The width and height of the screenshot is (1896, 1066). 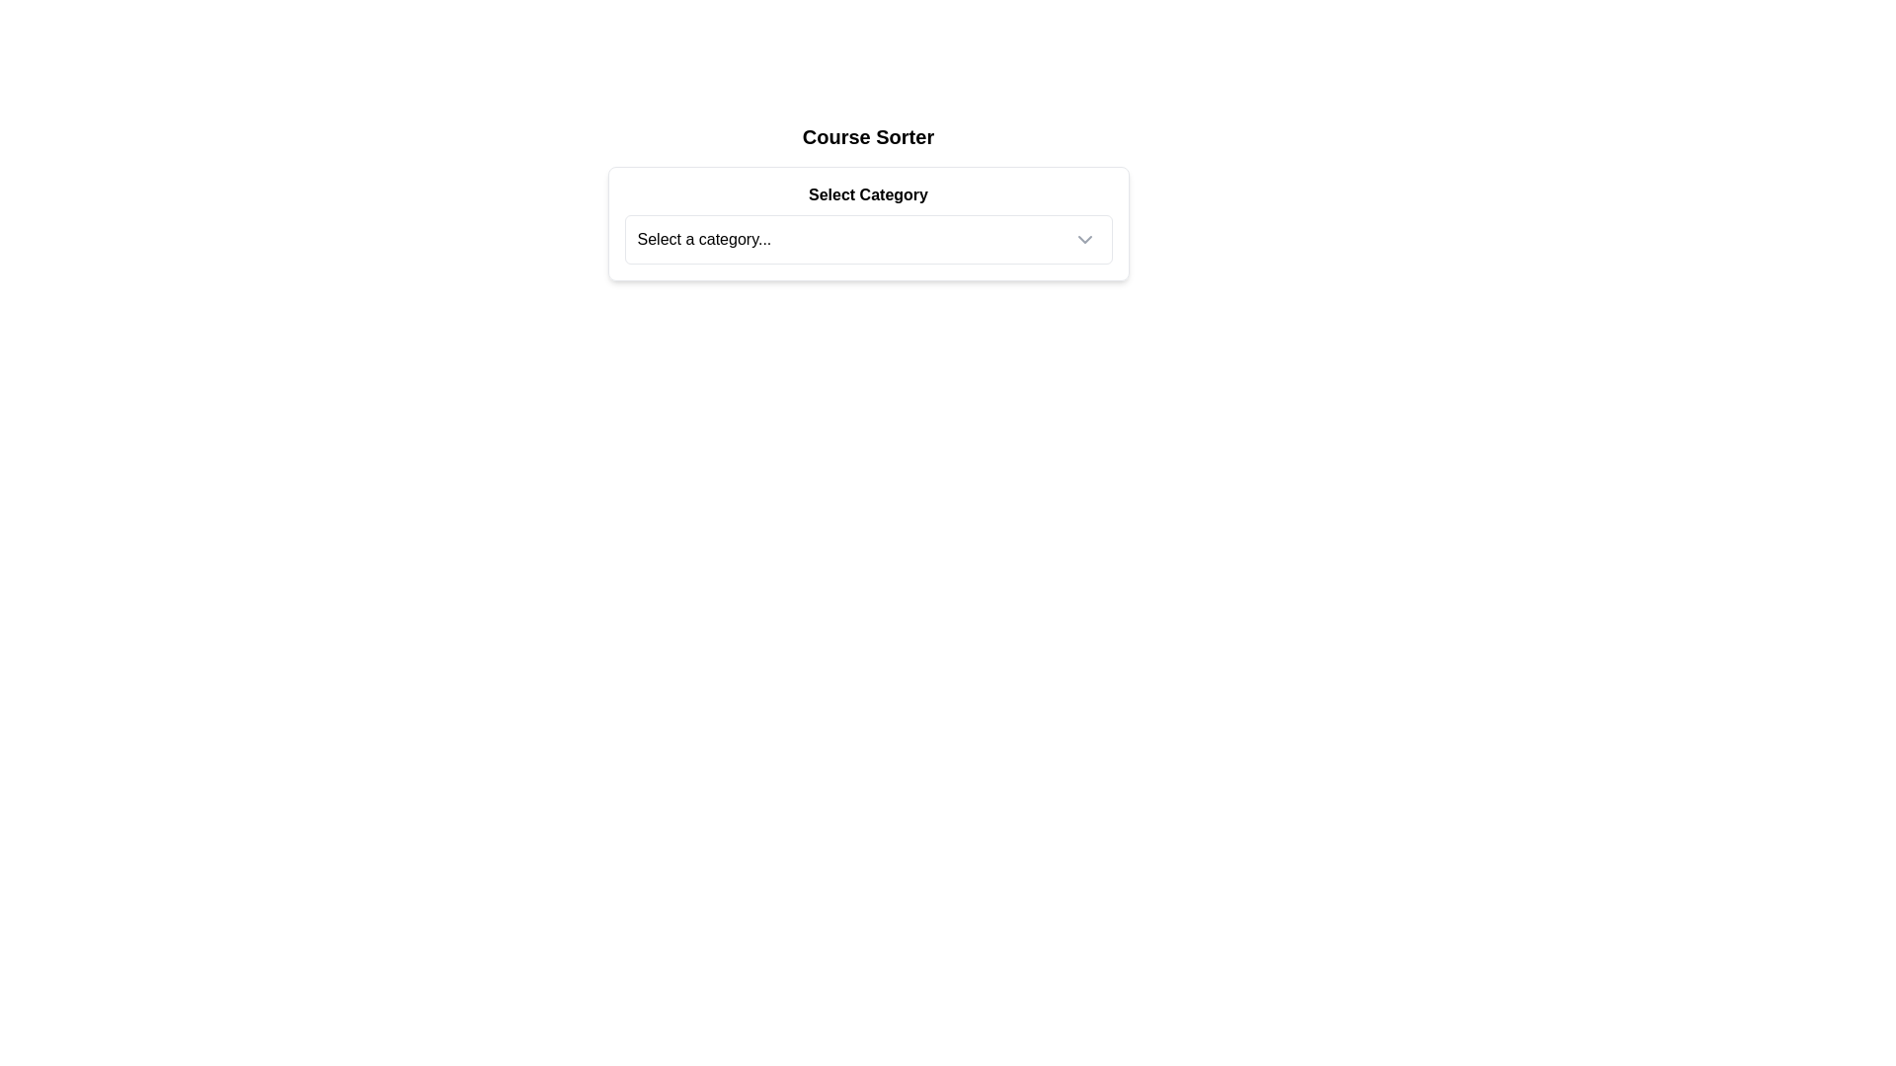 I want to click on the bold header text labeled 'Select Category' that is centered within a card layout, positioned above a dropdown field, so click(x=868, y=201).